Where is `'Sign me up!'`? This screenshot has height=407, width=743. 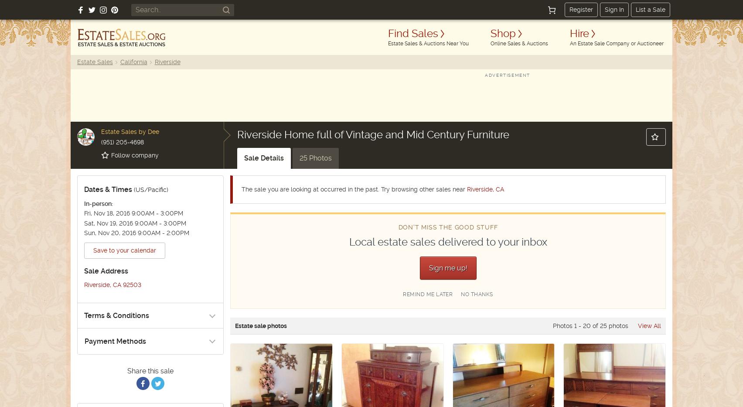 'Sign me up!' is located at coordinates (429, 268).